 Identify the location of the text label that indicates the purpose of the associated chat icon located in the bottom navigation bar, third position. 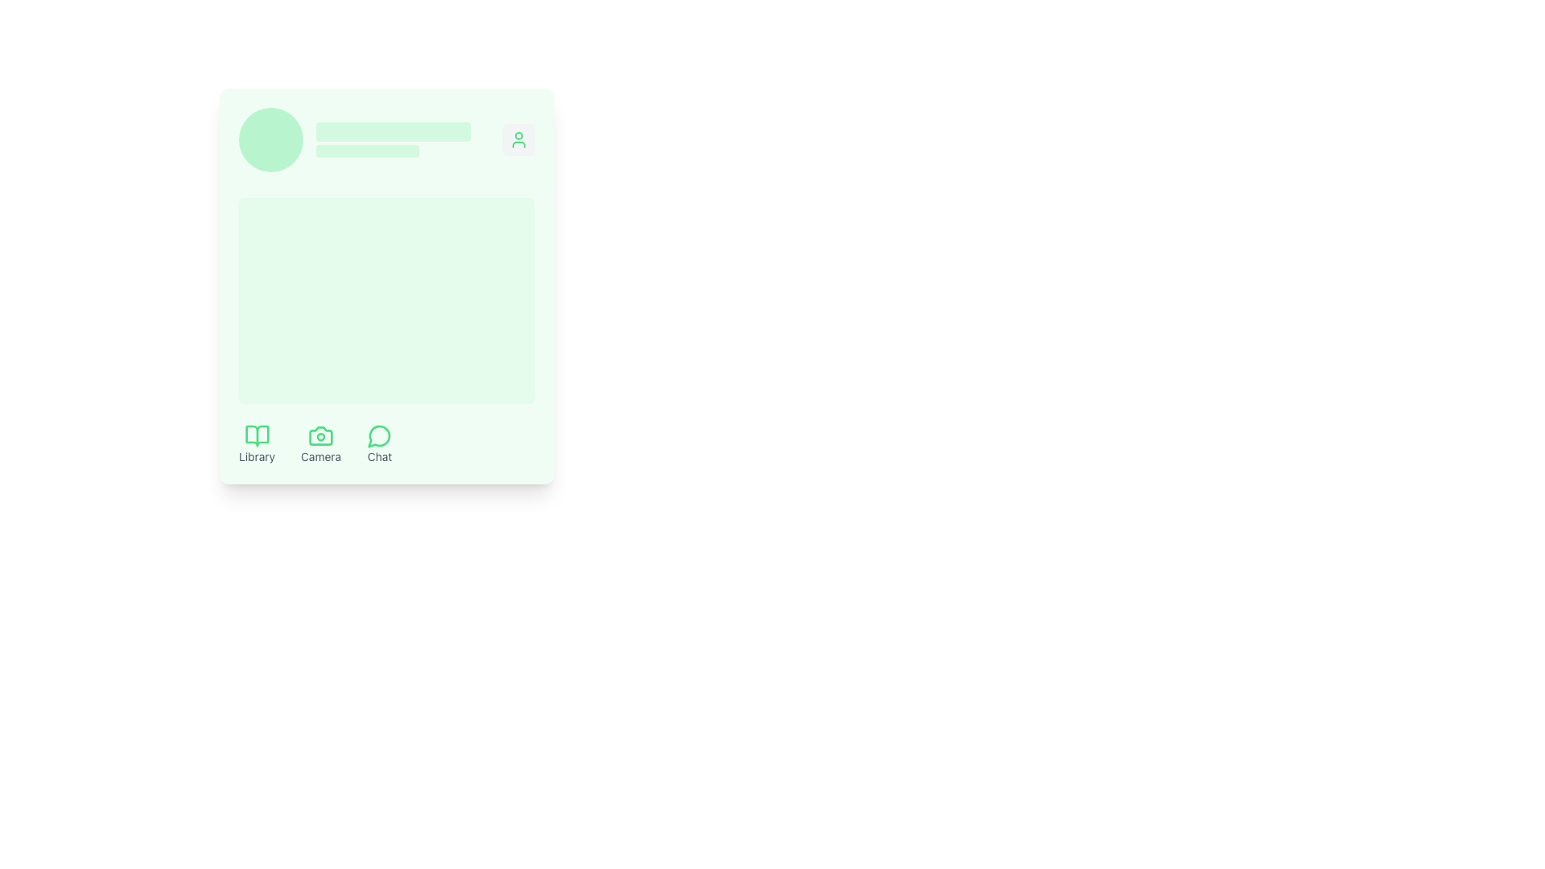
(379, 456).